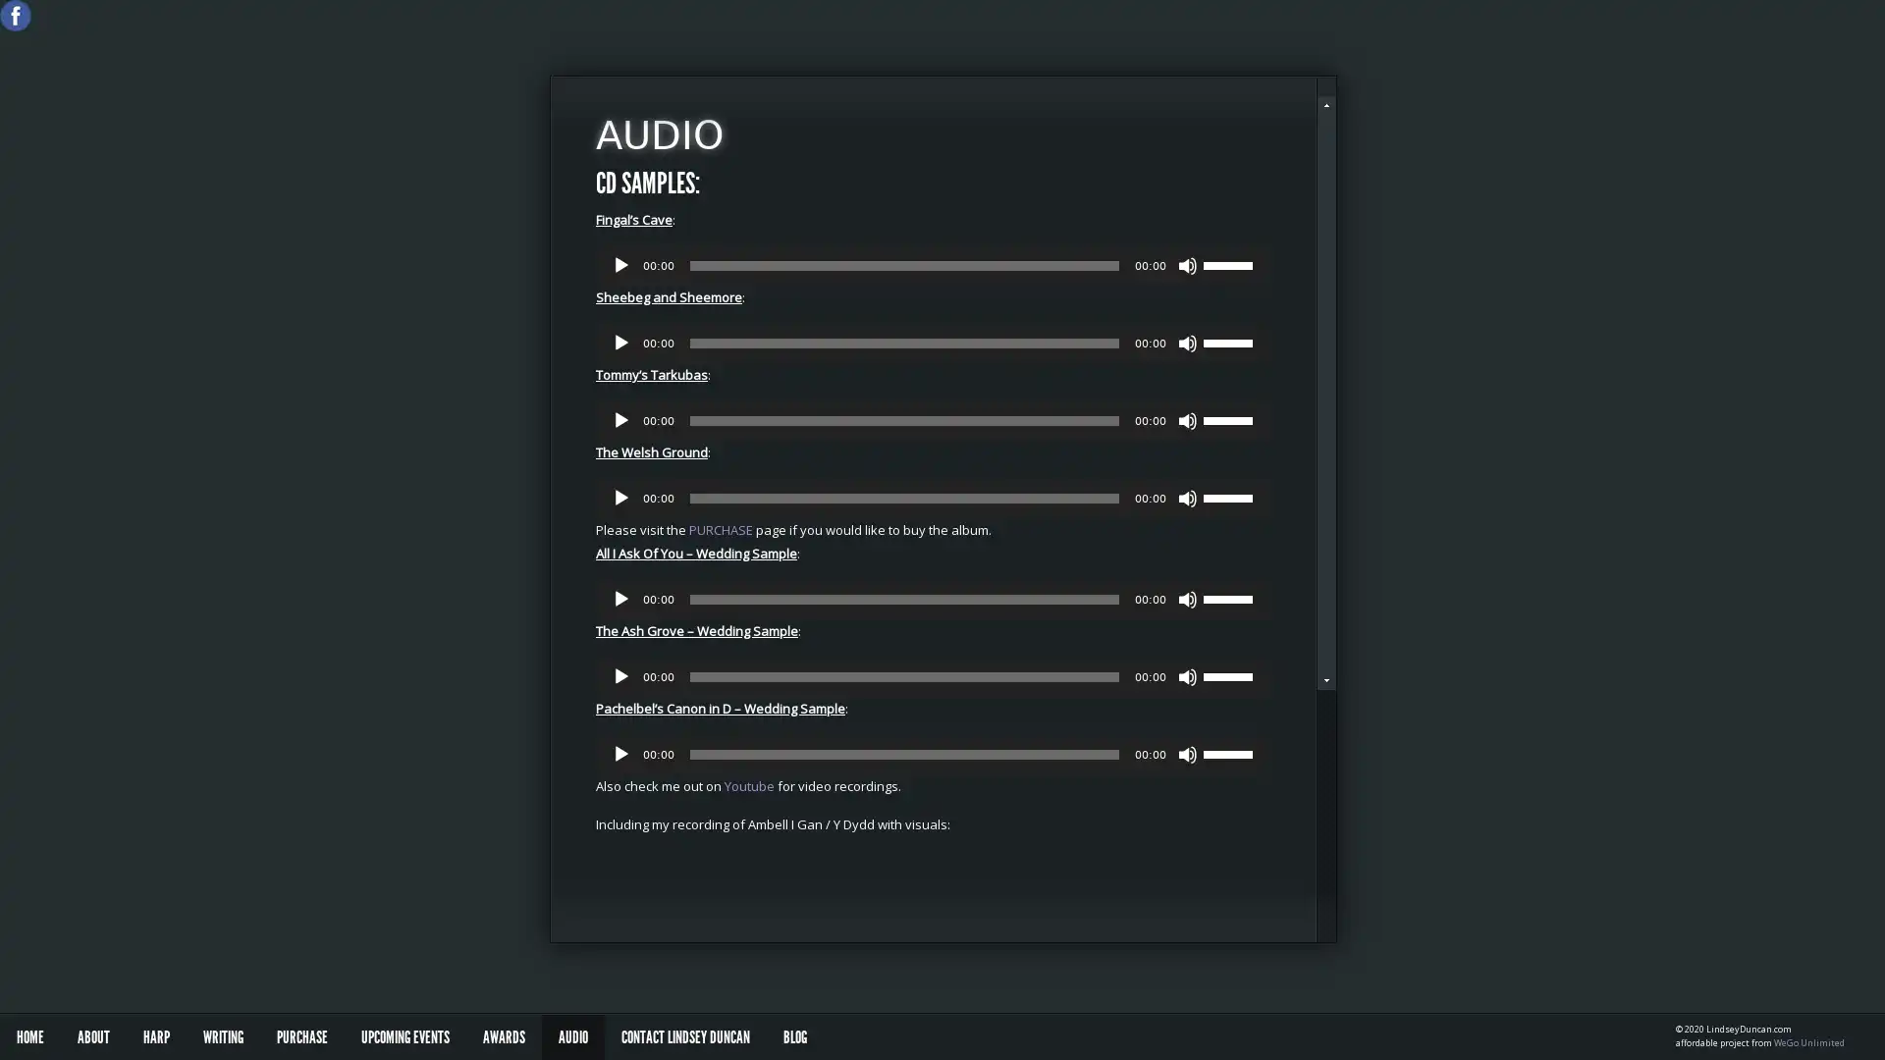  Describe the element at coordinates (620, 343) in the screenshot. I see `Play` at that location.